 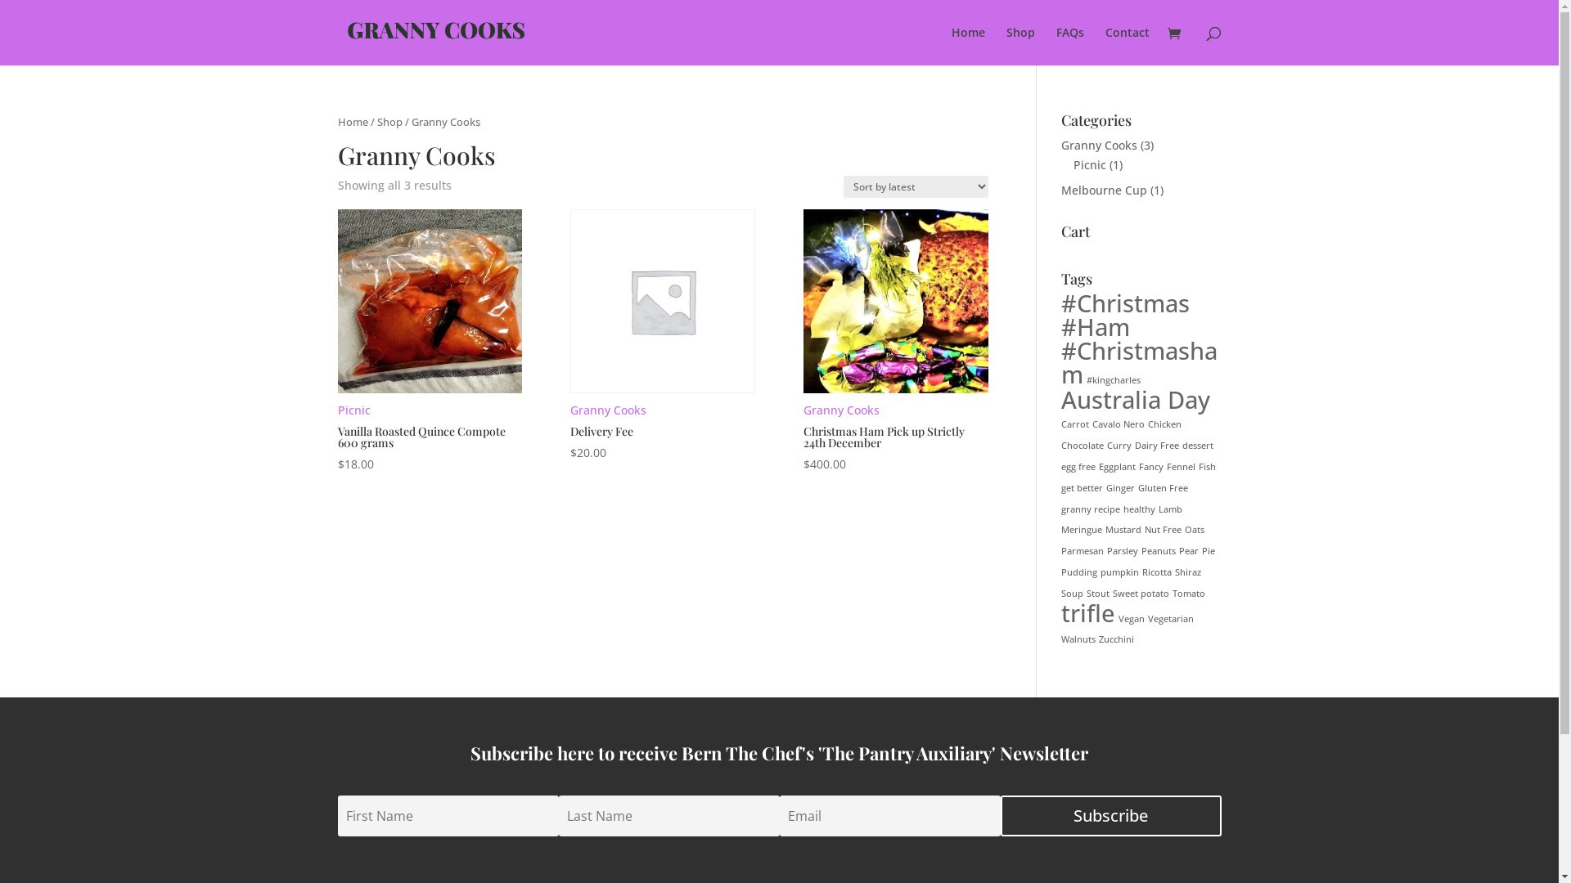 I want to click on 'Fish', so click(x=1207, y=466).